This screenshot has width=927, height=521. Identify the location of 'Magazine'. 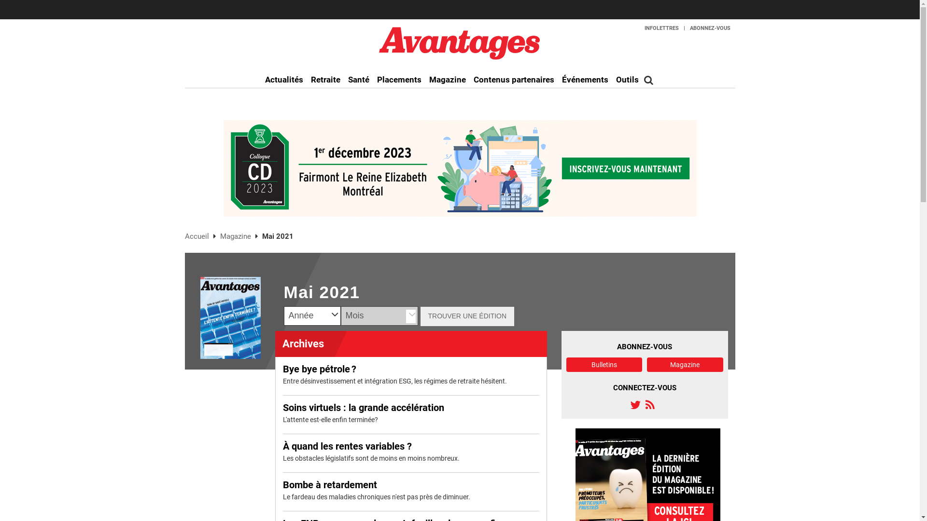
(236, 236).